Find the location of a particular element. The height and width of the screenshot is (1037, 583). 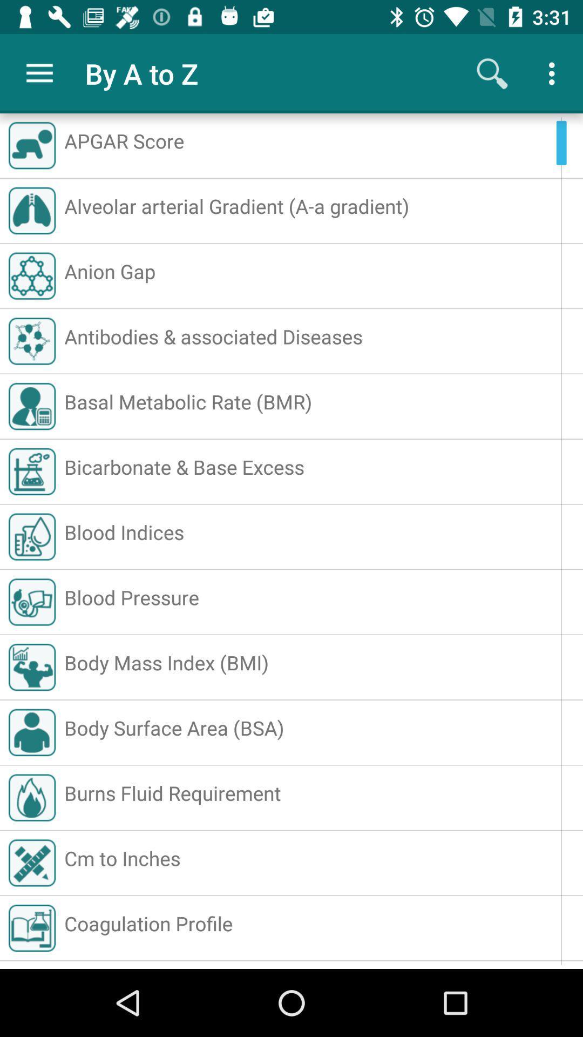

the icon which is next to body surface area bsa is located at coordinates (32, 732).